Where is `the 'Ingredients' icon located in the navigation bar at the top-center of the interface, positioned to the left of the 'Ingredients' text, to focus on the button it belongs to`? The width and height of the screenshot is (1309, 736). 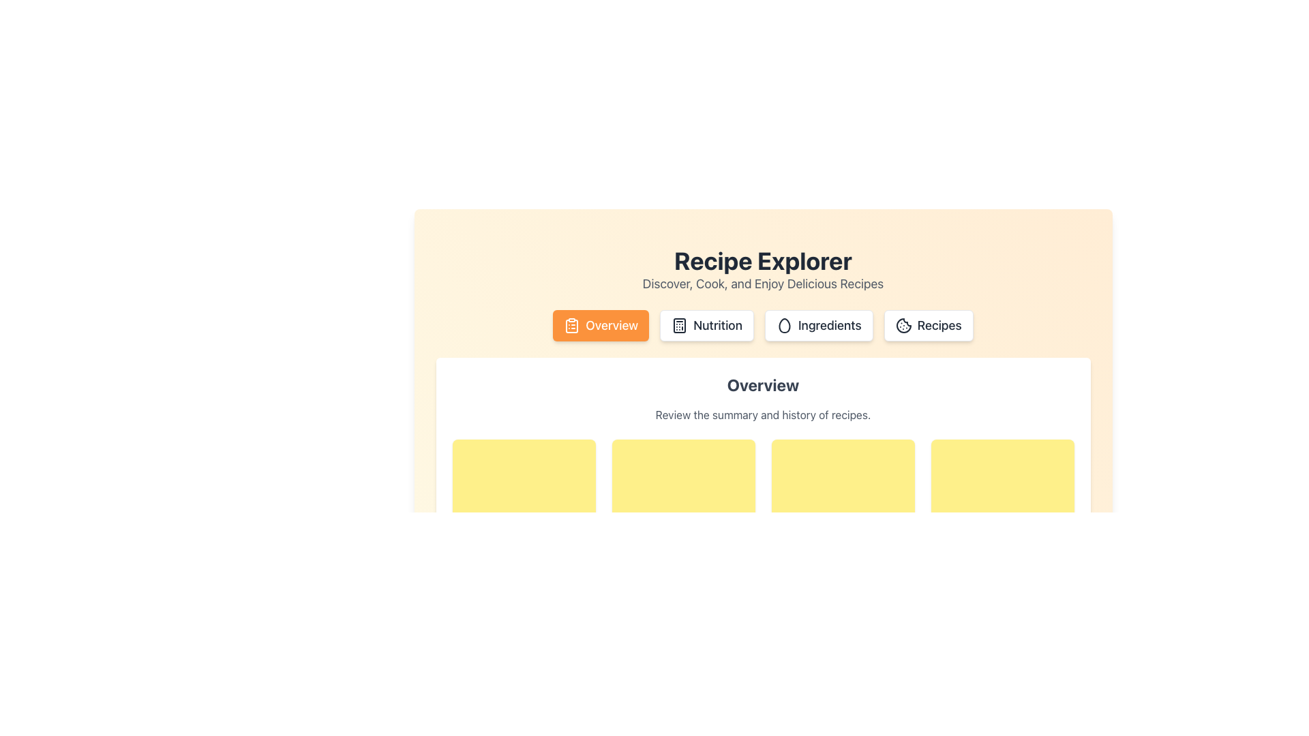
the 'Ingredients' icon located in the navigation bar at the top-center of the interface, positioned to the left of the 'Ingredients' text, to focus on the button it belongs to is located at coordinates (785, 326).